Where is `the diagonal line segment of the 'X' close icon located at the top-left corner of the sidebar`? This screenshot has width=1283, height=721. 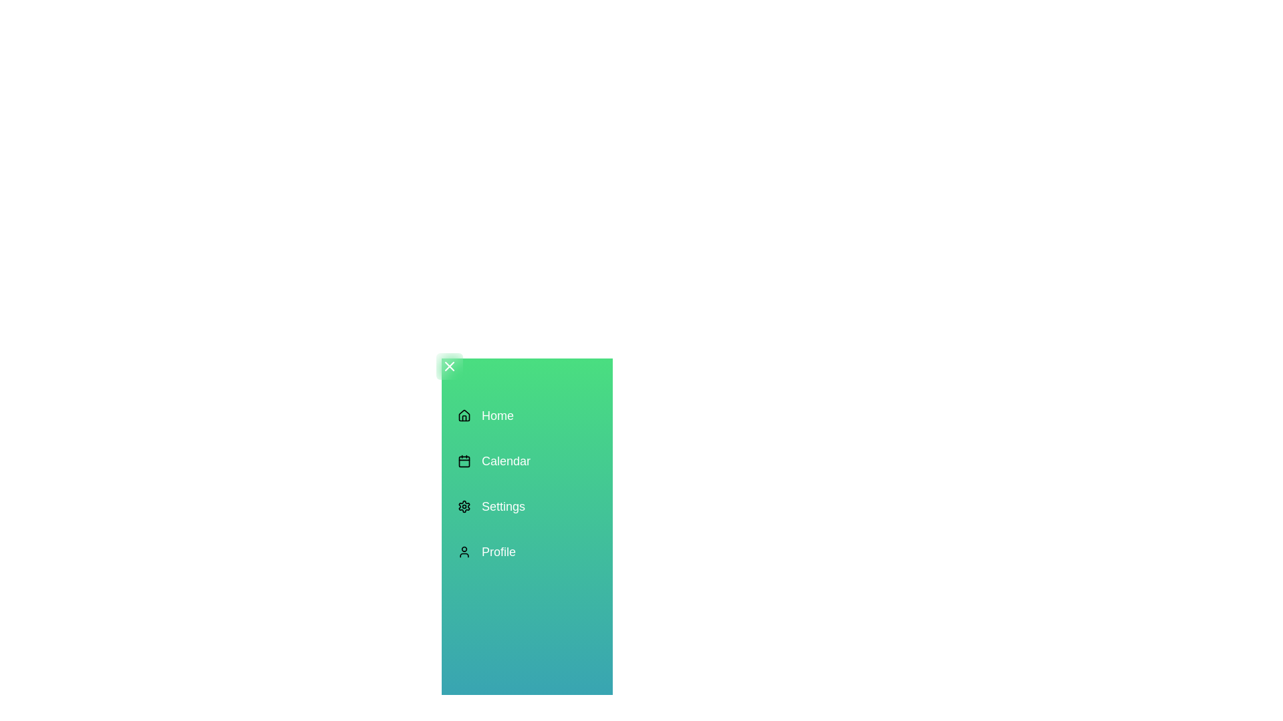
the diagonal line segment of the 'X' close icon located at the top-left corner of the sidebar is located at coordinates (449, 366).